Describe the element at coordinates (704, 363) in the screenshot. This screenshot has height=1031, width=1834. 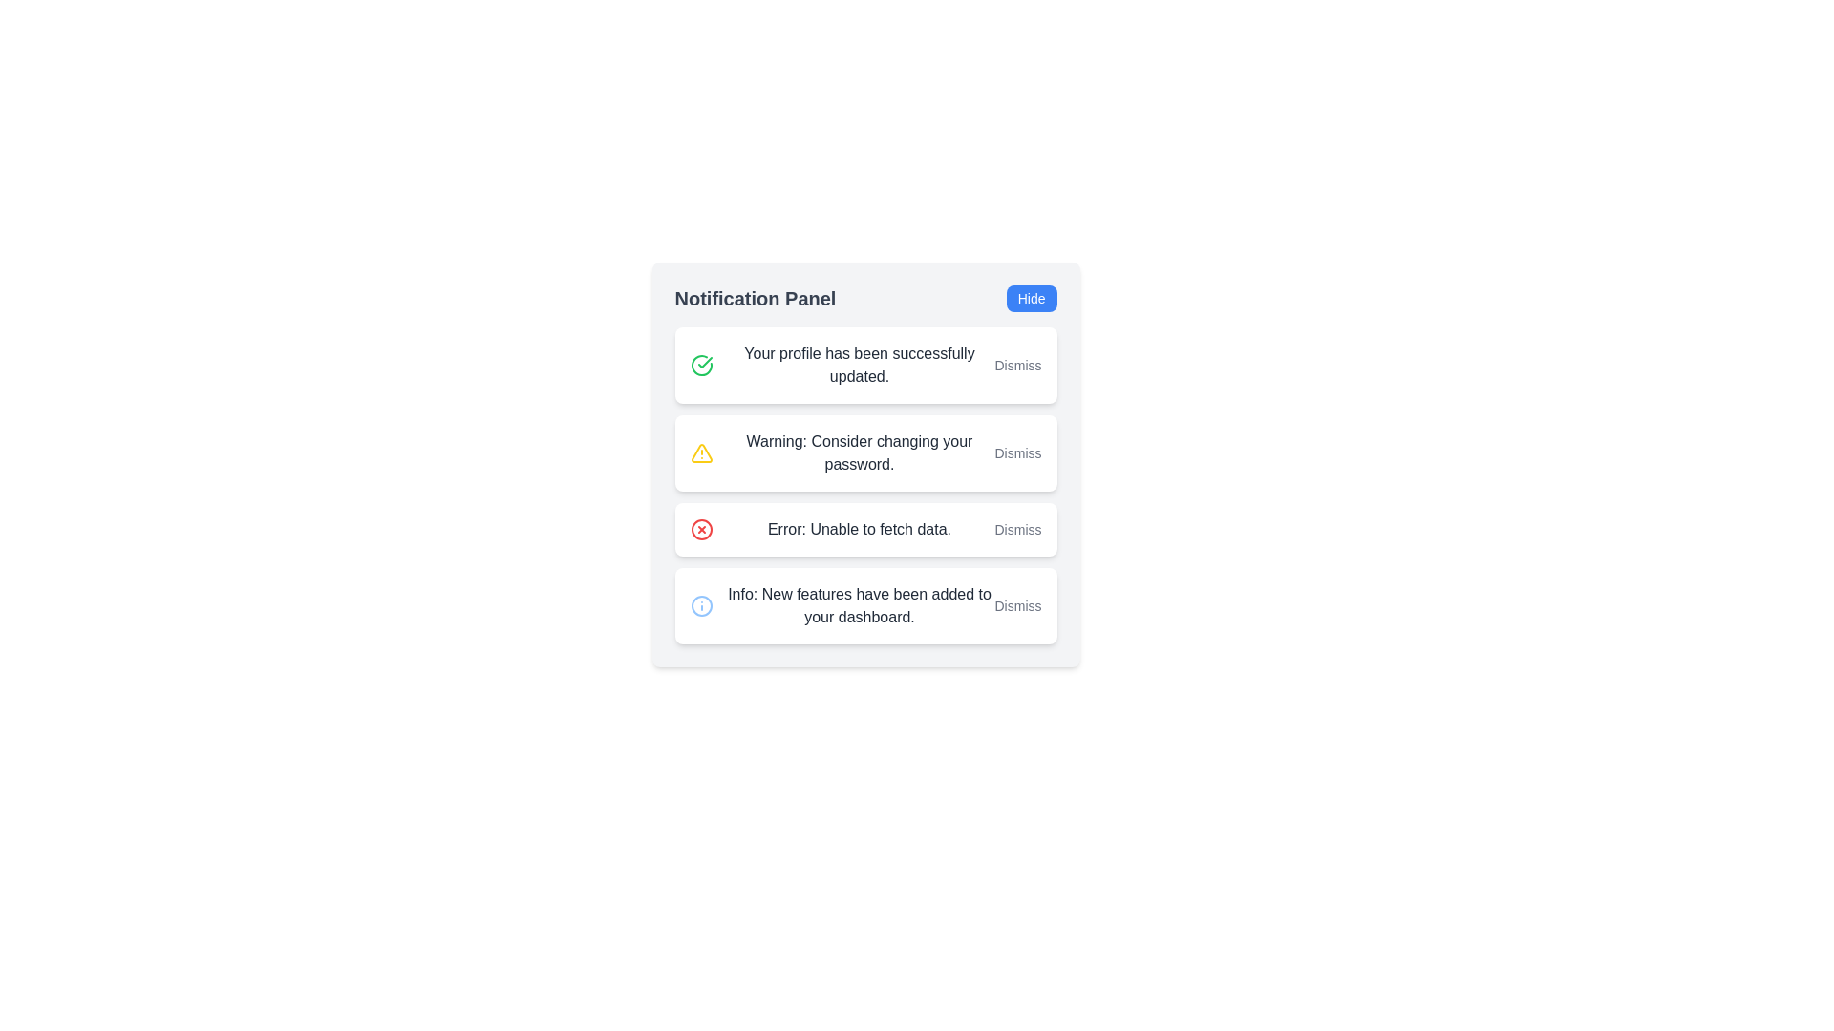
I see `the green checkmark icon, which is a subcomponent of the circular icon located at the topmost notification in the notification panel` at that location.